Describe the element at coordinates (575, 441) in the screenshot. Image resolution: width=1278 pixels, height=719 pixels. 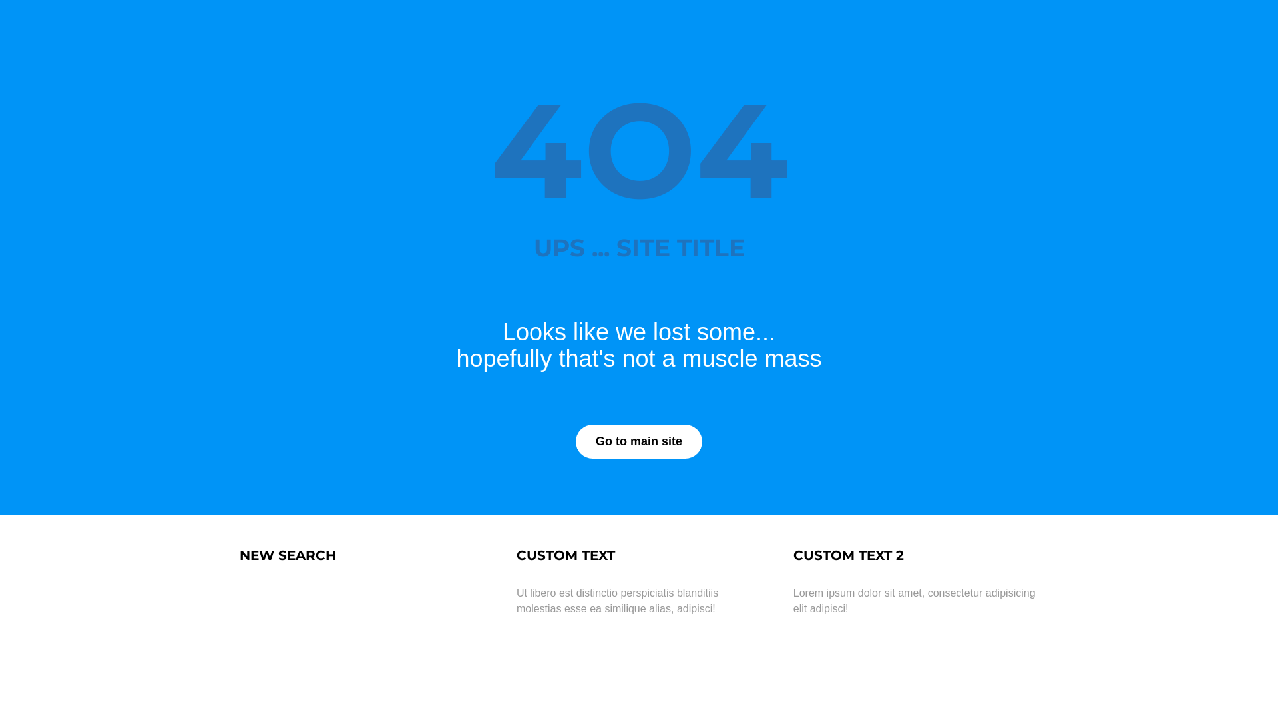
I see `'Go to main site'` at that location.